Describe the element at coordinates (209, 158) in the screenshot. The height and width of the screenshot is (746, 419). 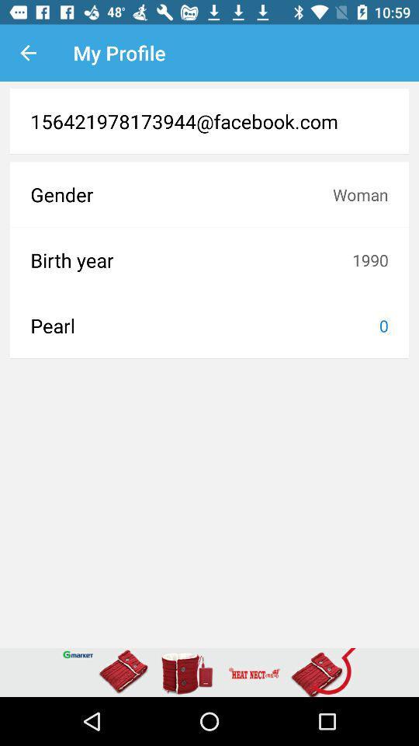
I see `the item above the gender icon` at that location.